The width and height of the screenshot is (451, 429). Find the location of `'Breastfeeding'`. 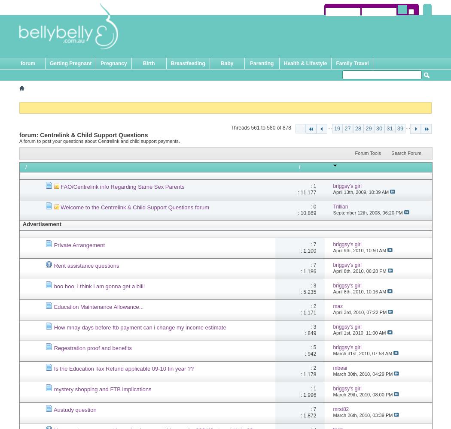

'Breastfeeding' is located at coordinates (187, 63).